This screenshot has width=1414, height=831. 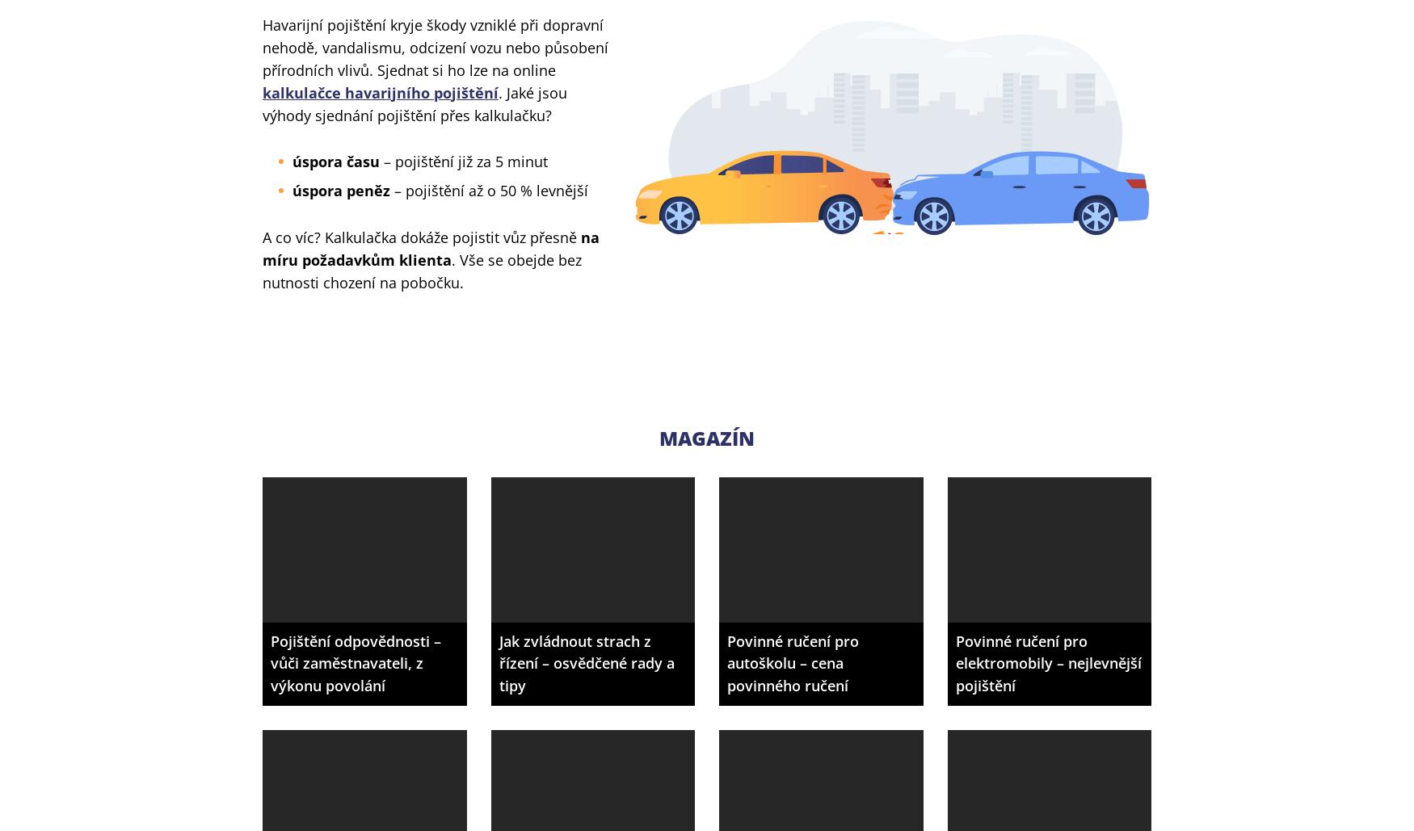 What do you see at coordinates (953, 662) in the screenshot?
I see `'Povinné ručení pro elektromobily – nejlevnější pojištění'` at bounding box center [953, 662].